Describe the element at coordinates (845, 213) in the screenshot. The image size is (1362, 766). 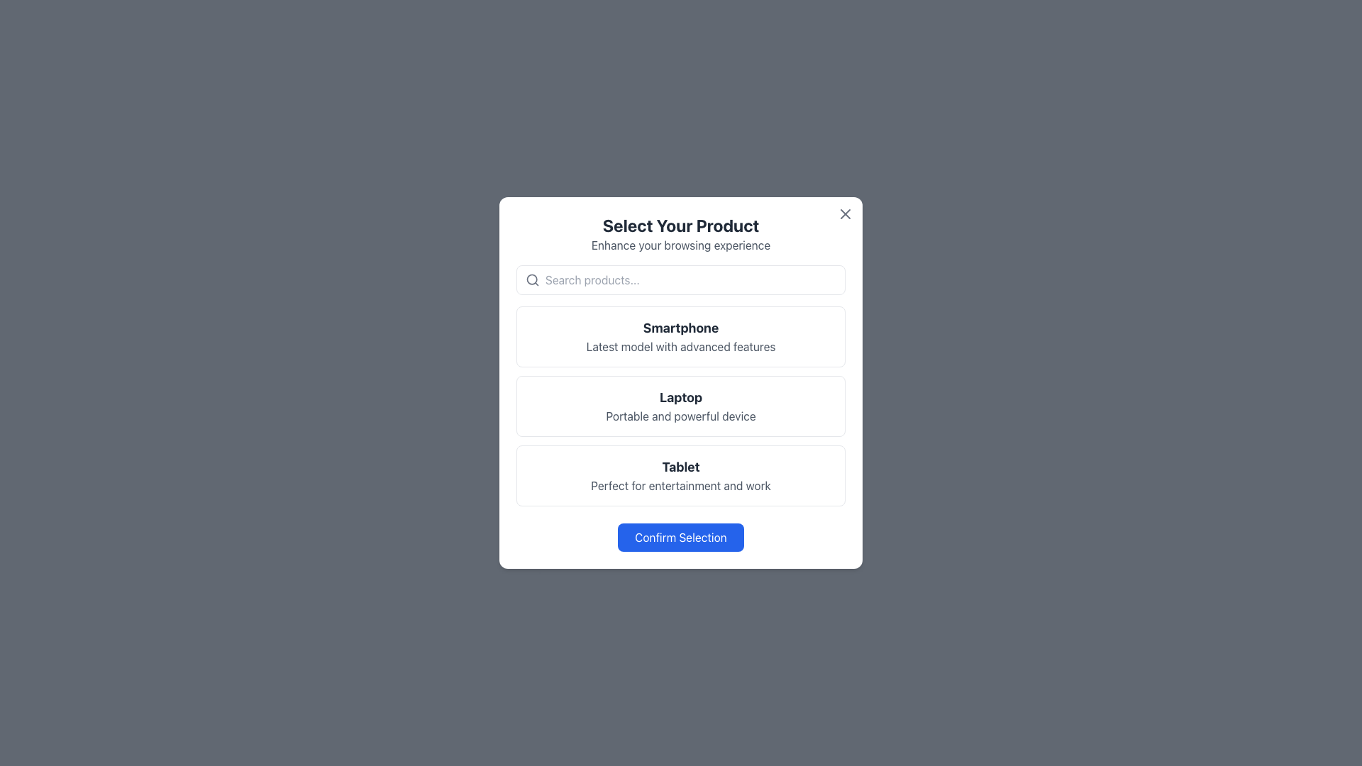
I see `the close button located at the top-right corner of the 'Select Your Product' dialog box` at that location.